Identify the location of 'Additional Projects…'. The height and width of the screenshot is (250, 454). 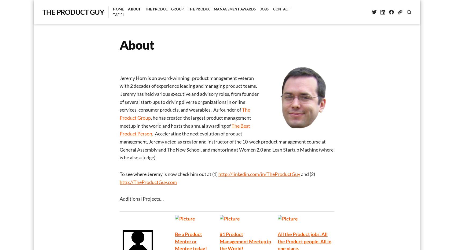
(119, 198).